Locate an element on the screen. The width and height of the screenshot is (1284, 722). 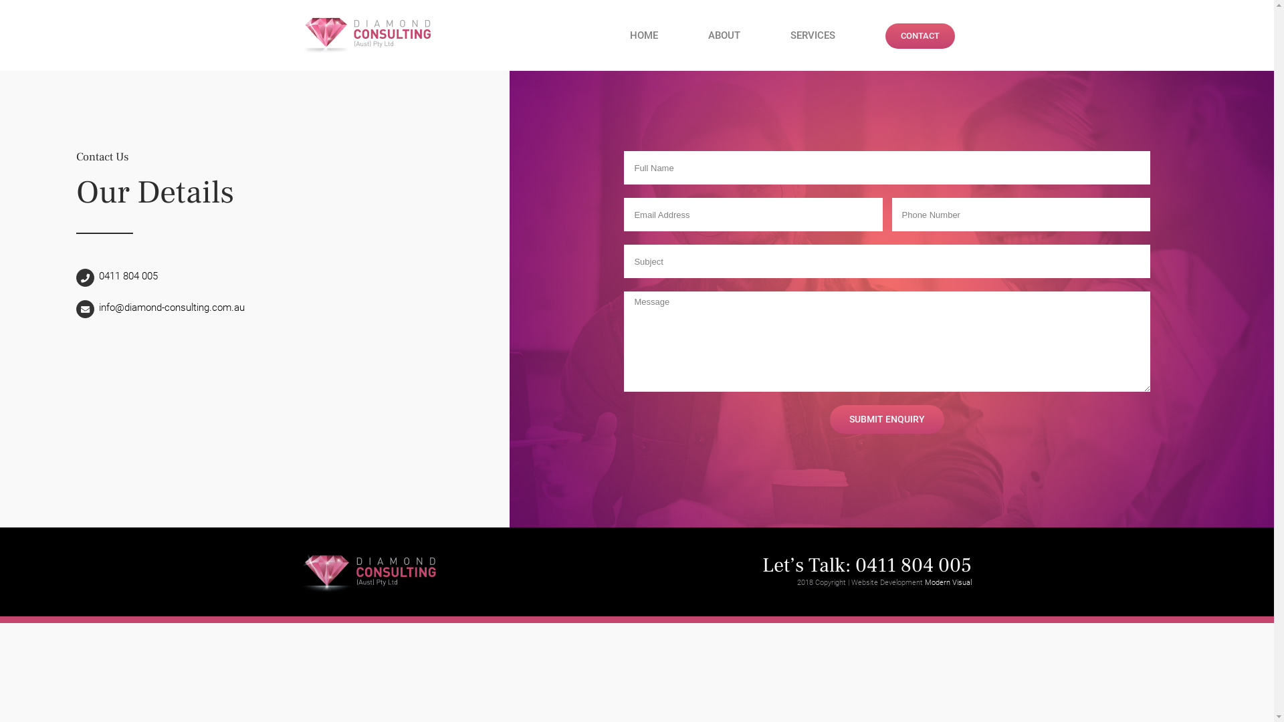
'diamond-consulting-logo-black@2x' is located at coordinates (369, 572).